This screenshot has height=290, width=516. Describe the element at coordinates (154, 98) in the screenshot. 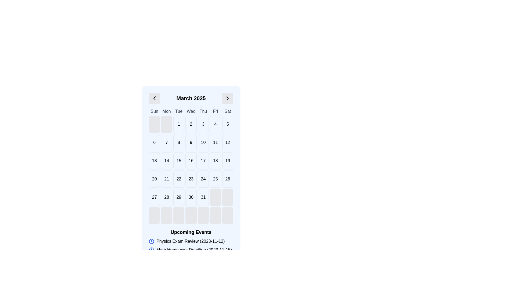

I see `the left-pointing chevron icon inside the button next to the 'March 2025' header` at that location.